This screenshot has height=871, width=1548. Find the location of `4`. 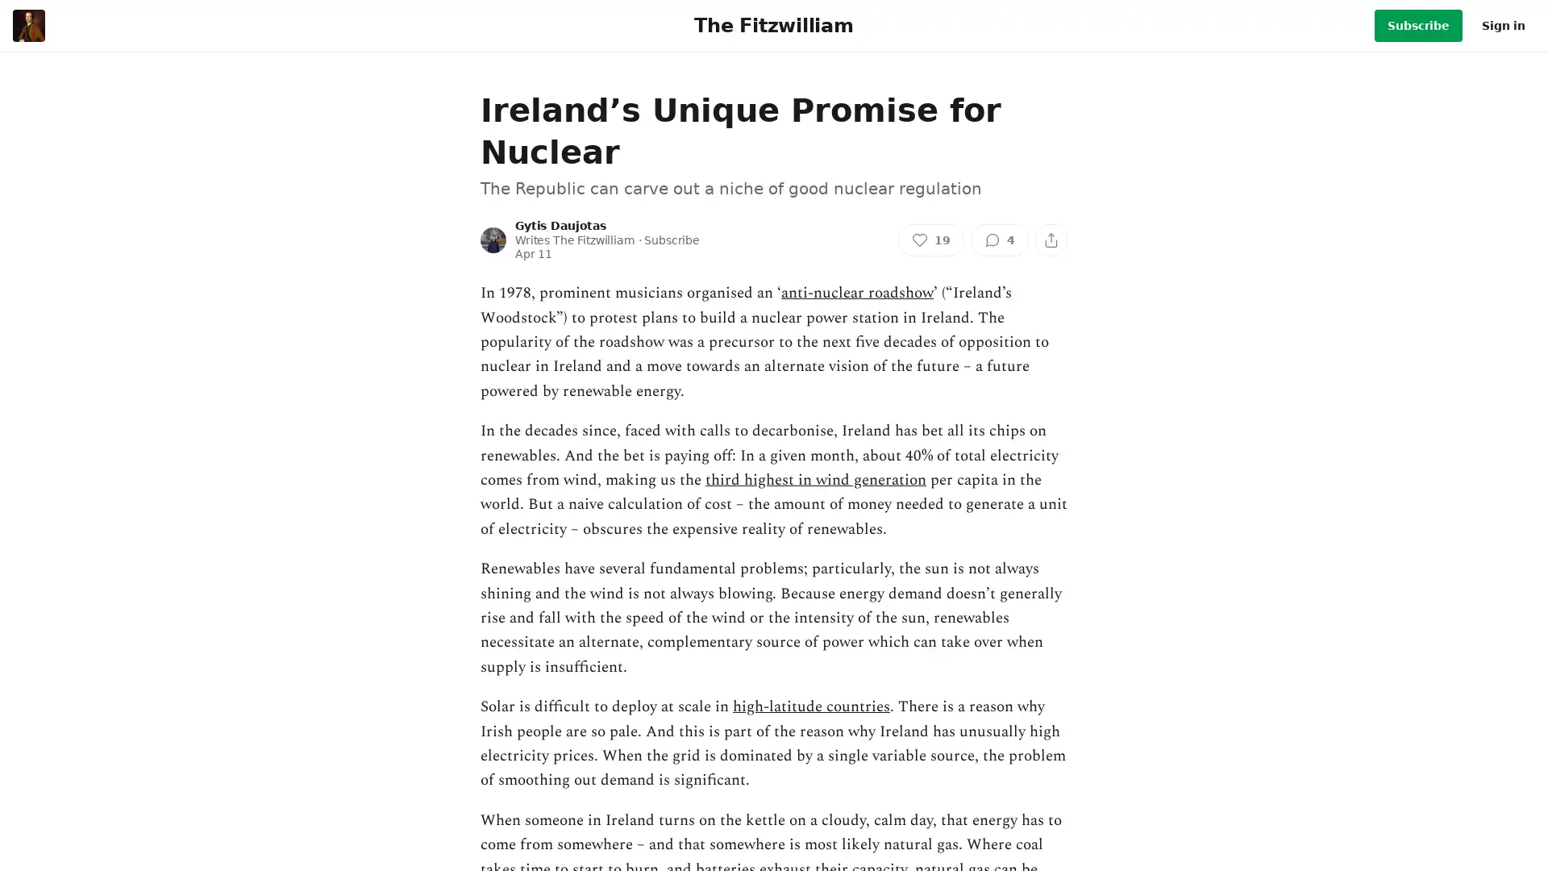

4 is located at coordinates (998, 240).